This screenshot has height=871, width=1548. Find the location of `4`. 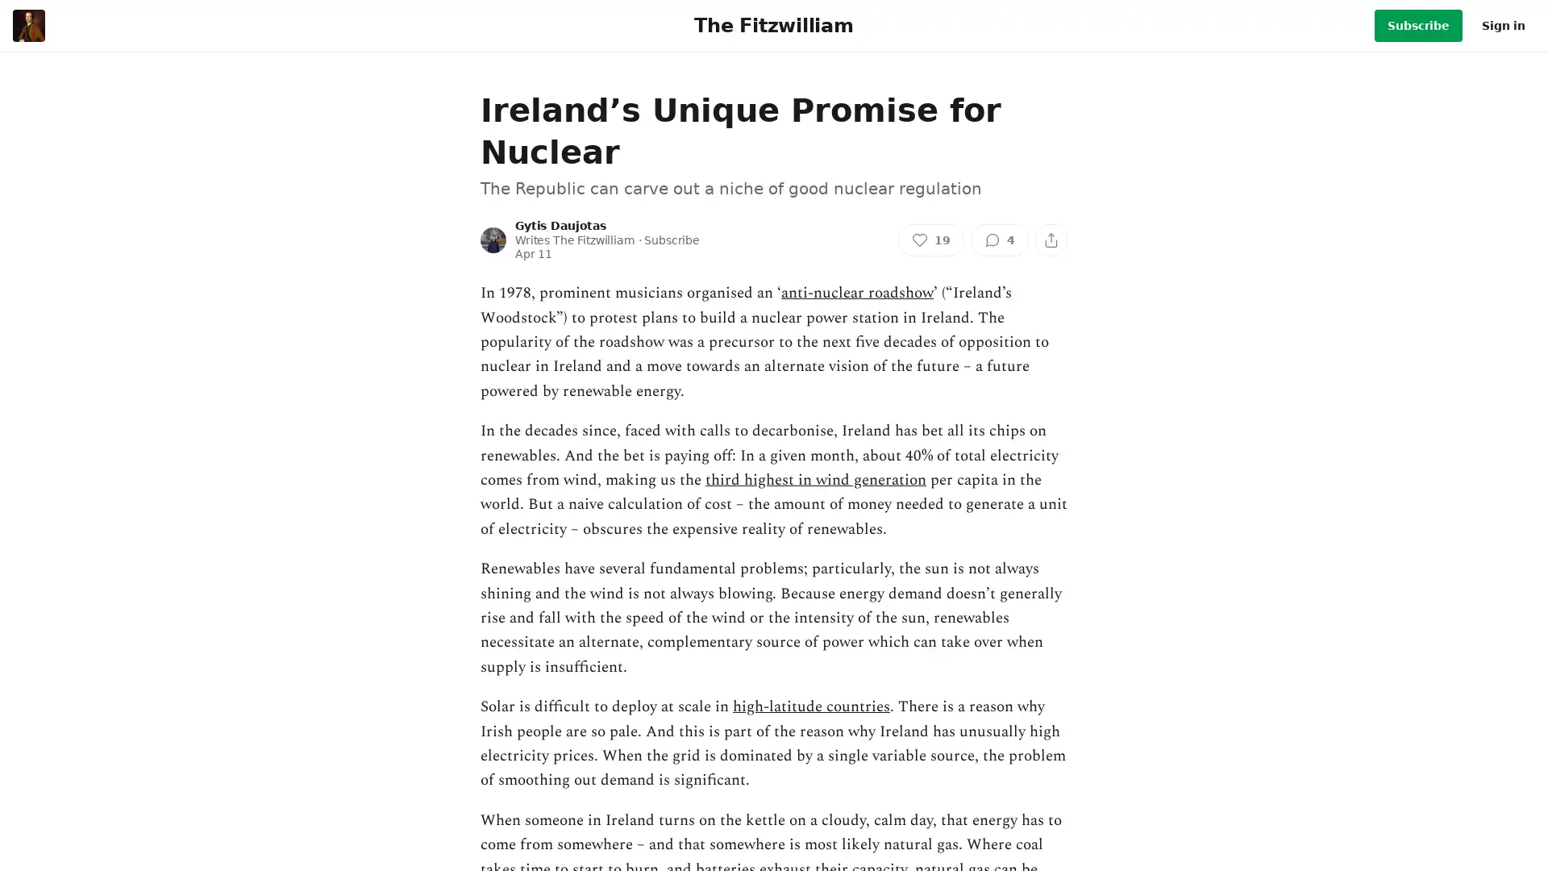

4 is located at coordinates (998, 240).